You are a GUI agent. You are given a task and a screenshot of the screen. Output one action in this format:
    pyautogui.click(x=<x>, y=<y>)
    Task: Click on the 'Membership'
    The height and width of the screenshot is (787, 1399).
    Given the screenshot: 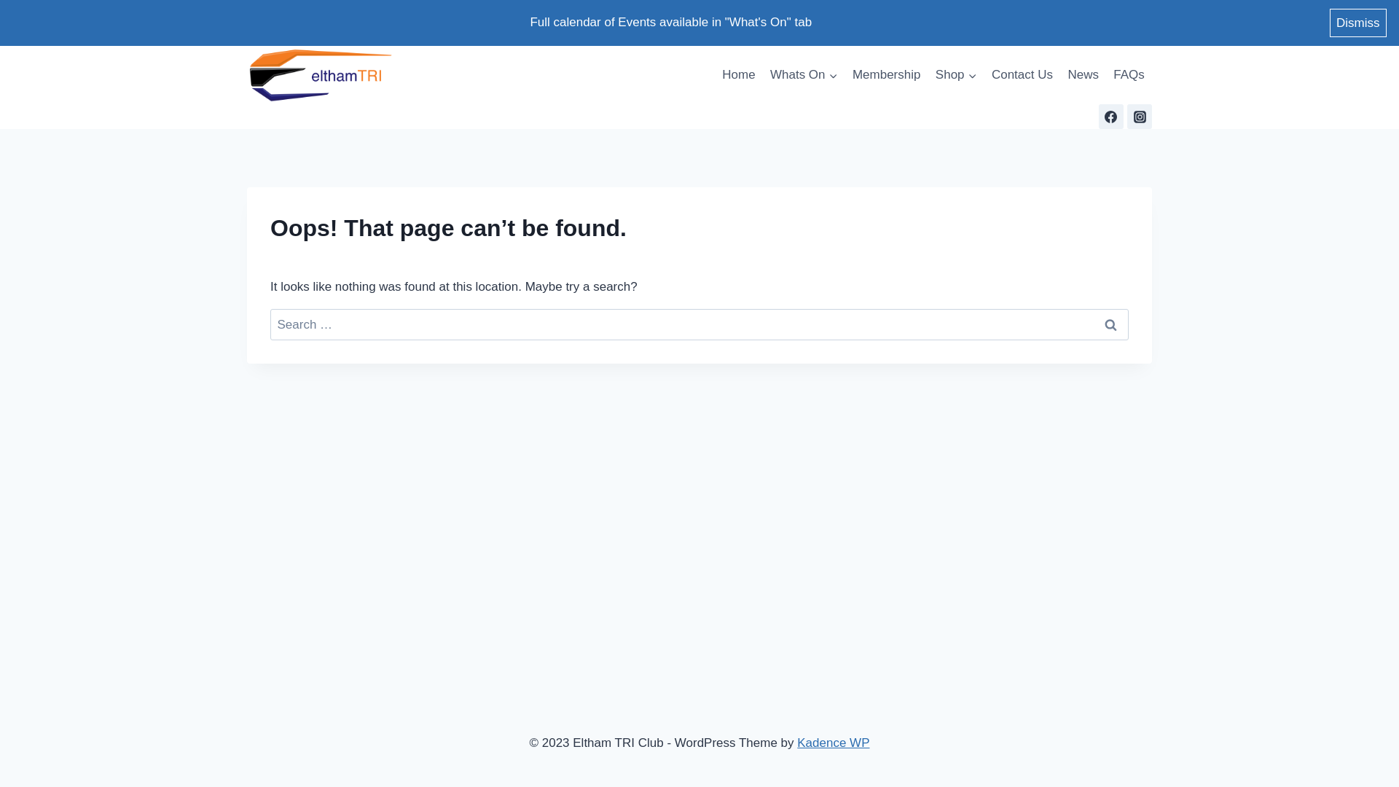 What is the action you would take?
    pyautogui.click(x=845, y=75)
    